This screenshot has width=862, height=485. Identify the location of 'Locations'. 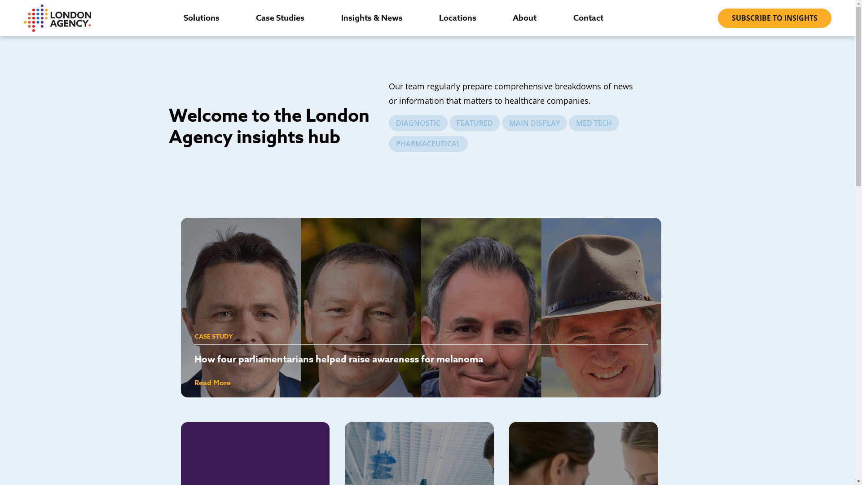
(457, 18).